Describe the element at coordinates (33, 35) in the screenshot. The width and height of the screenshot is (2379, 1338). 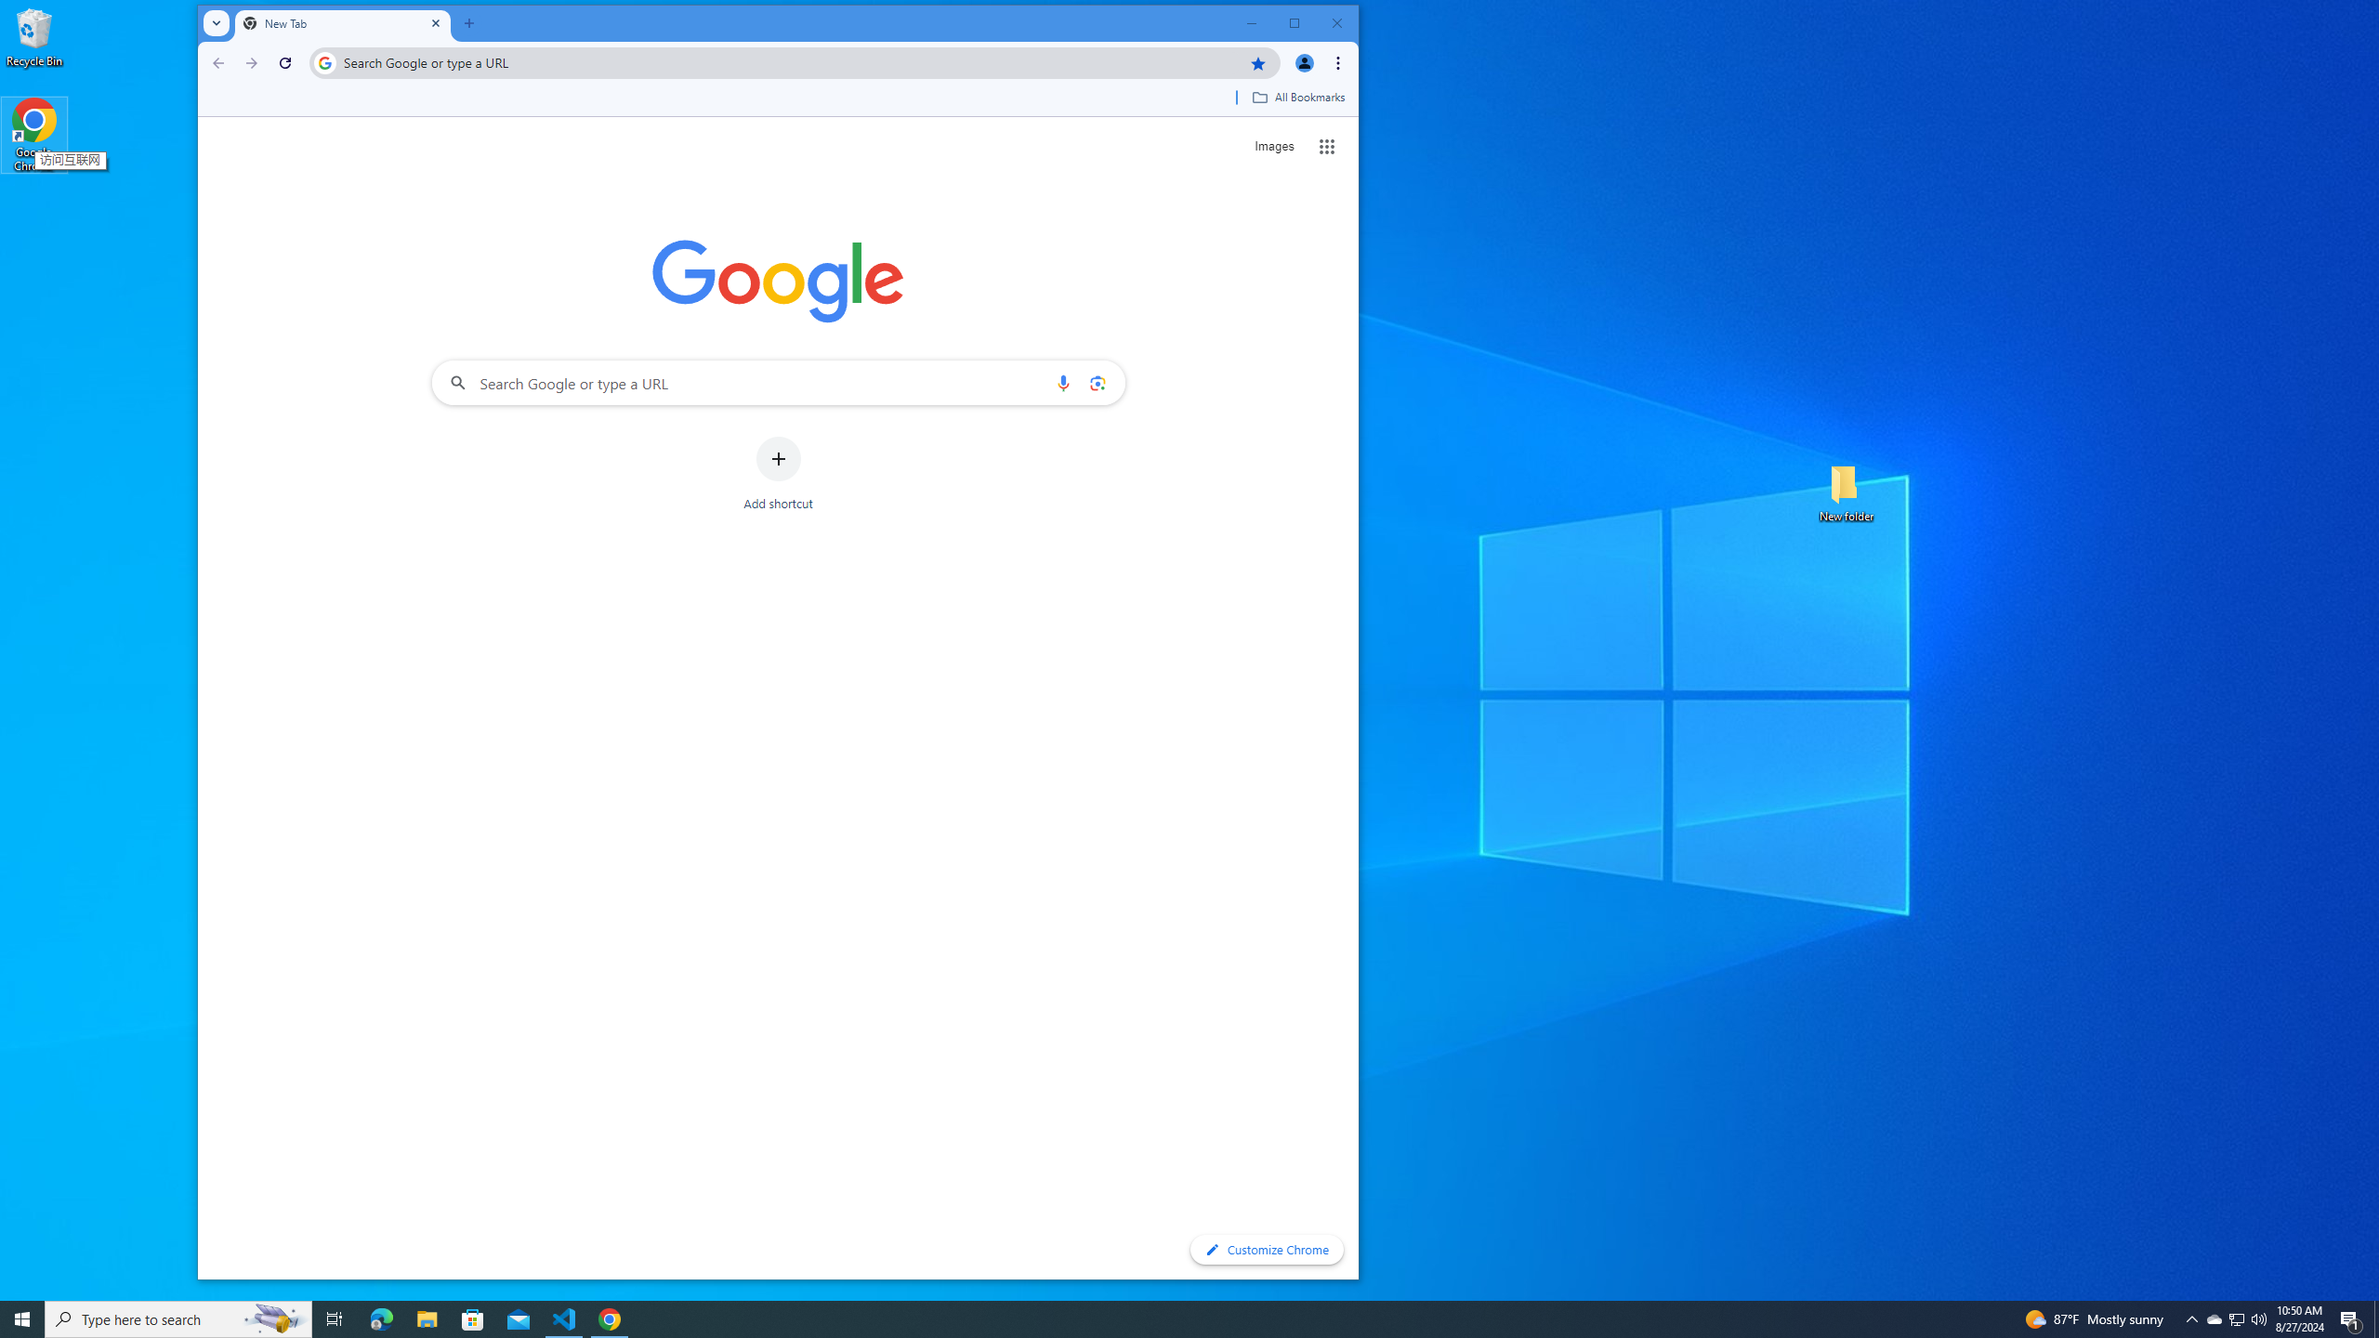
I see `'Recycle Bin'` at that location.